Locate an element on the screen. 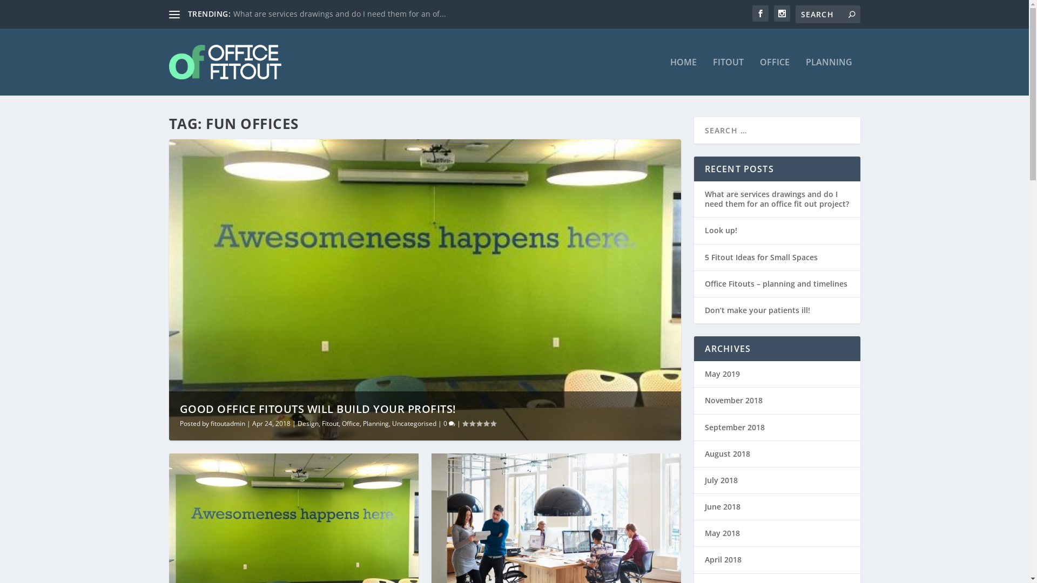 The height and width of the screenshot is (583, 1037). 'GOOD OFFICE FITOUTS WILL BUILD YOUR PROFITS!' is located at coordinates (179, 409).